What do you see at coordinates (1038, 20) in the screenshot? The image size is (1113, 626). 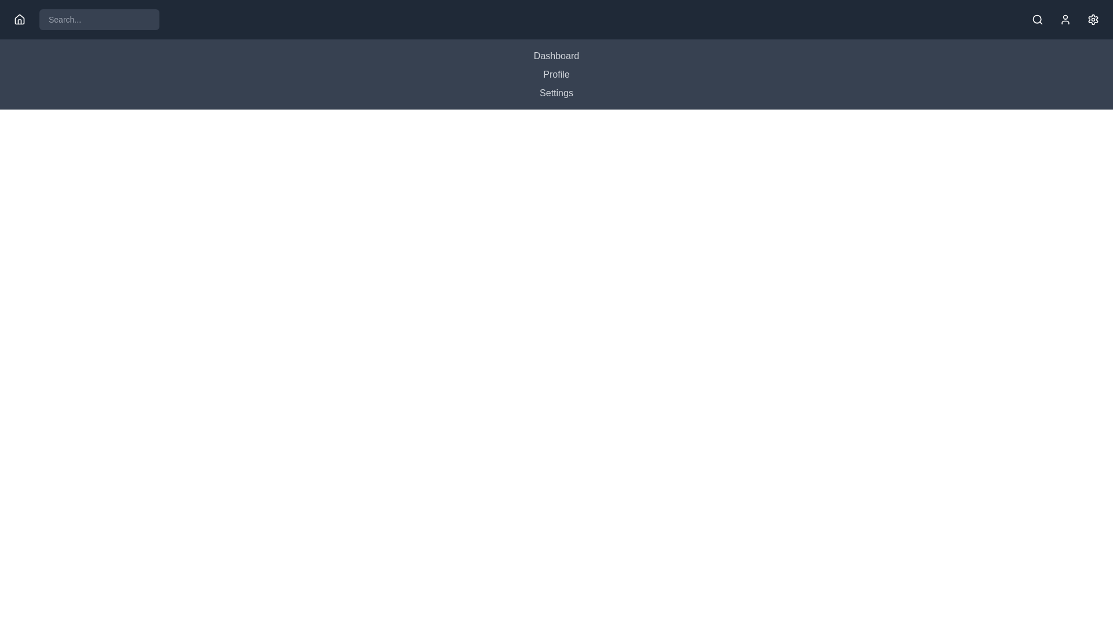 I see `the magnifying glass icon button located at the top-right corner of the page` at bounding box center [1038, 20].